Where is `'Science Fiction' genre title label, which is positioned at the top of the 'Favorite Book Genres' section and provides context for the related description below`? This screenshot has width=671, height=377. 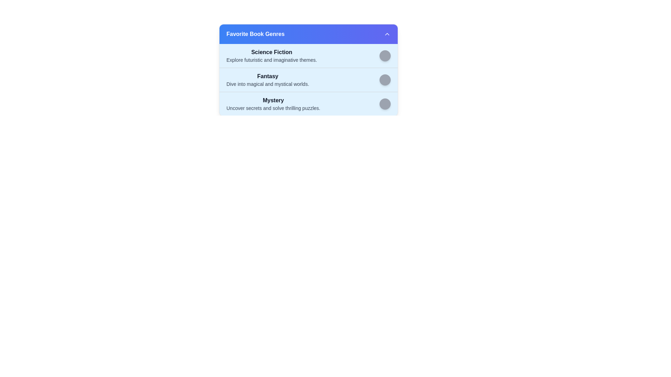
'Science Fiction' genre title label, which is positioned at the top of the 'Favorite Book Genres' section and provides context for the related description below is located at coordinates (271, 52).